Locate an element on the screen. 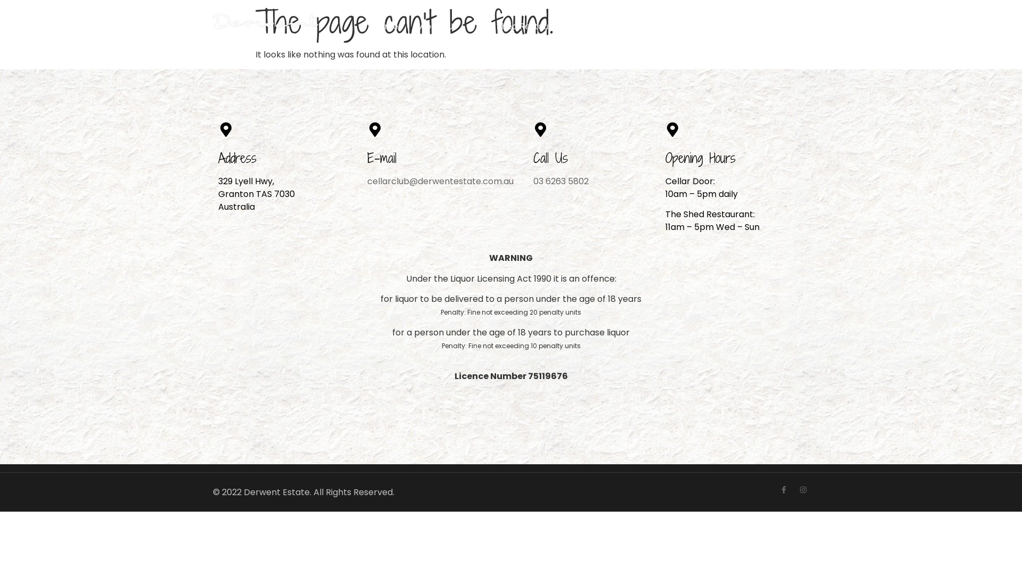  'The Shed Restaurant' is located at coordinates (522, 26).